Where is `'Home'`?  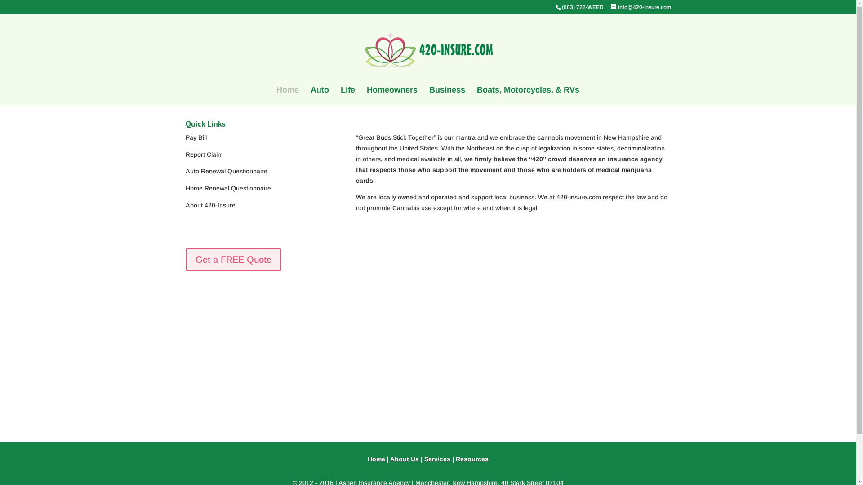
'Home' is located at coordinates (376, 459).